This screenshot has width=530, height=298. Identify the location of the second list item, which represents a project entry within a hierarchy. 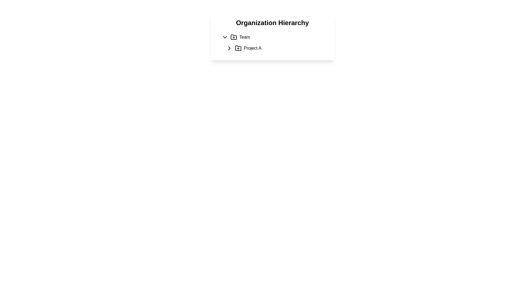
(277, 48).